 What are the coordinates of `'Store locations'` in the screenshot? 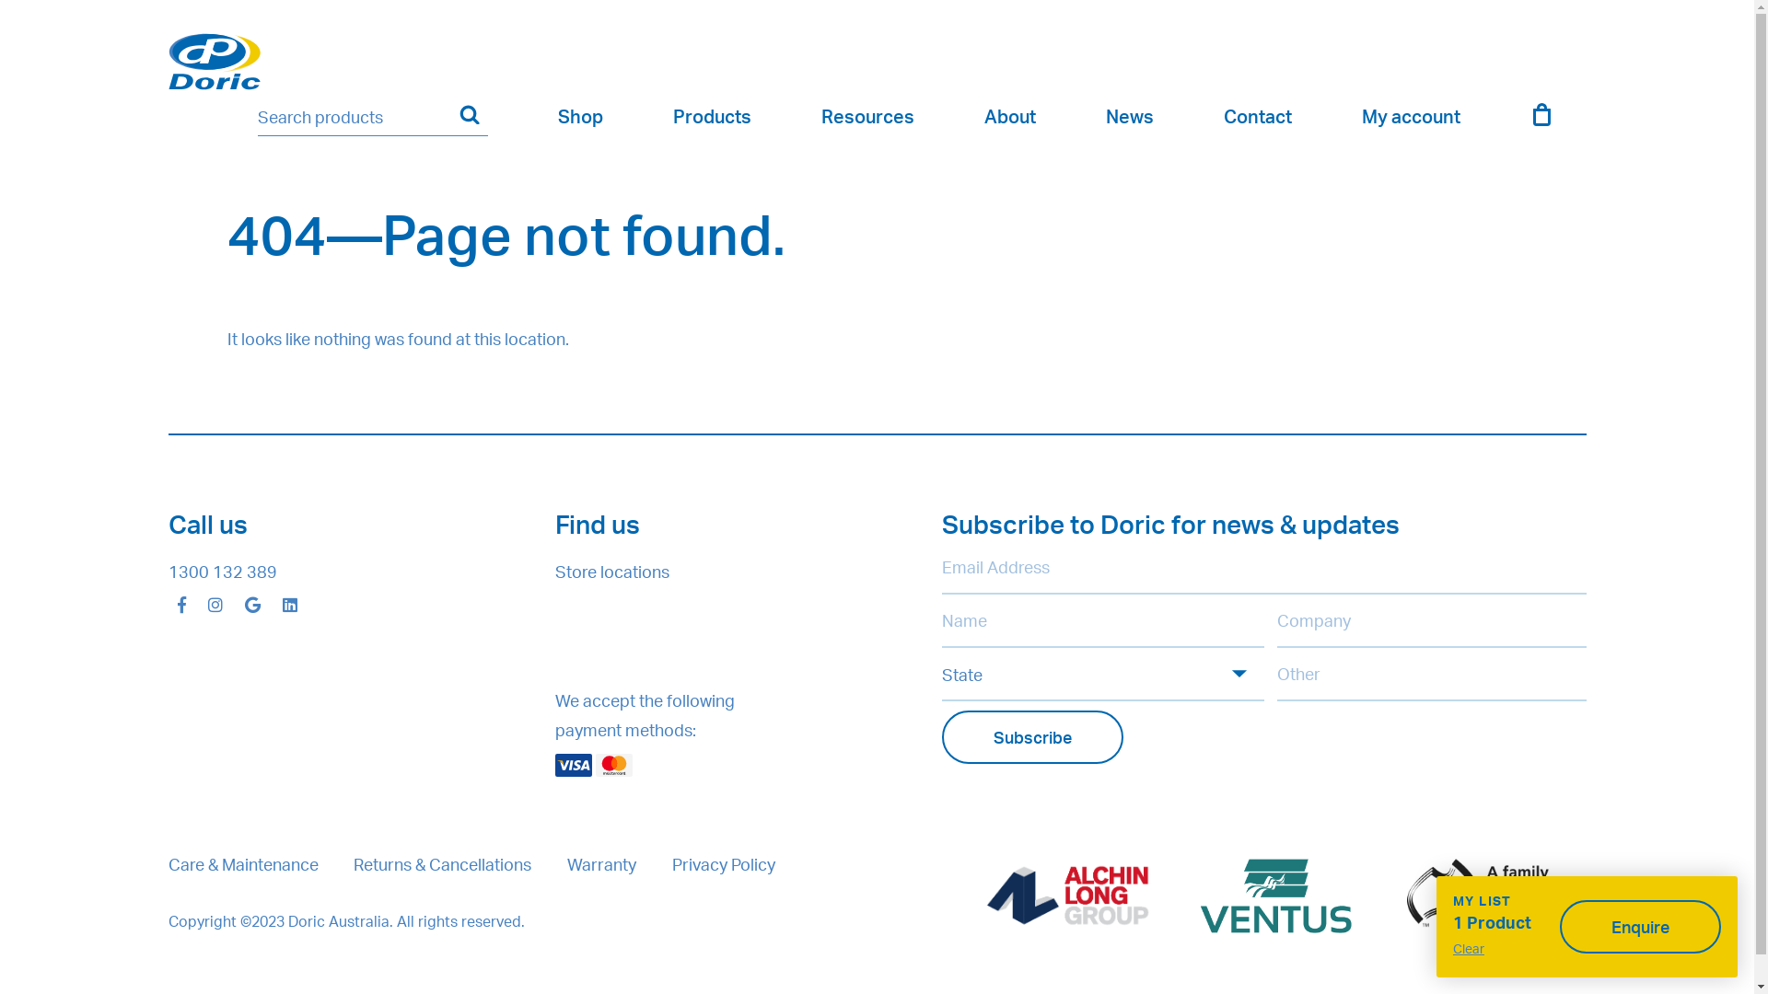 It's located at (611, 571).